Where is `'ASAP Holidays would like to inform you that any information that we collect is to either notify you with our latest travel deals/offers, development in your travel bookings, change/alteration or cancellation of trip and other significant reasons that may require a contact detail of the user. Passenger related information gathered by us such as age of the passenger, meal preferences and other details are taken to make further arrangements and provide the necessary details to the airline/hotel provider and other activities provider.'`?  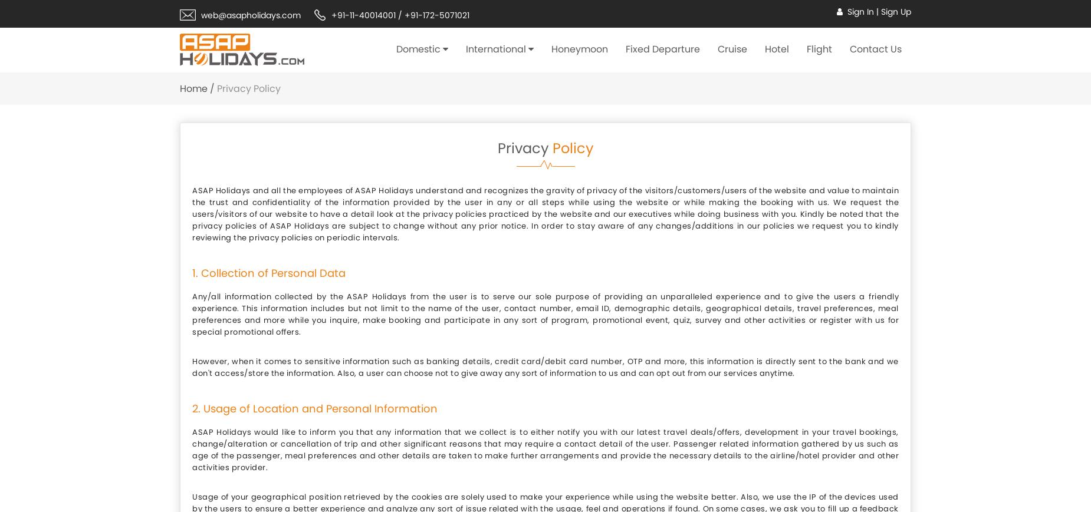
'ASAP Holidays would like to inform you that any information that we collect is to either notify you with our latest travel deals/offers, development in your travel bookings, change/alteration or cancellation of trip and other significant reasons that may require a contact detail of the user. Passenger related information gathered by us such as age of the passenger, meal preferences and other details are taken to make further arrangements and provide the necessary details to the airline/hotel provider and other activities provider.' is located at coordinates (545, 449).